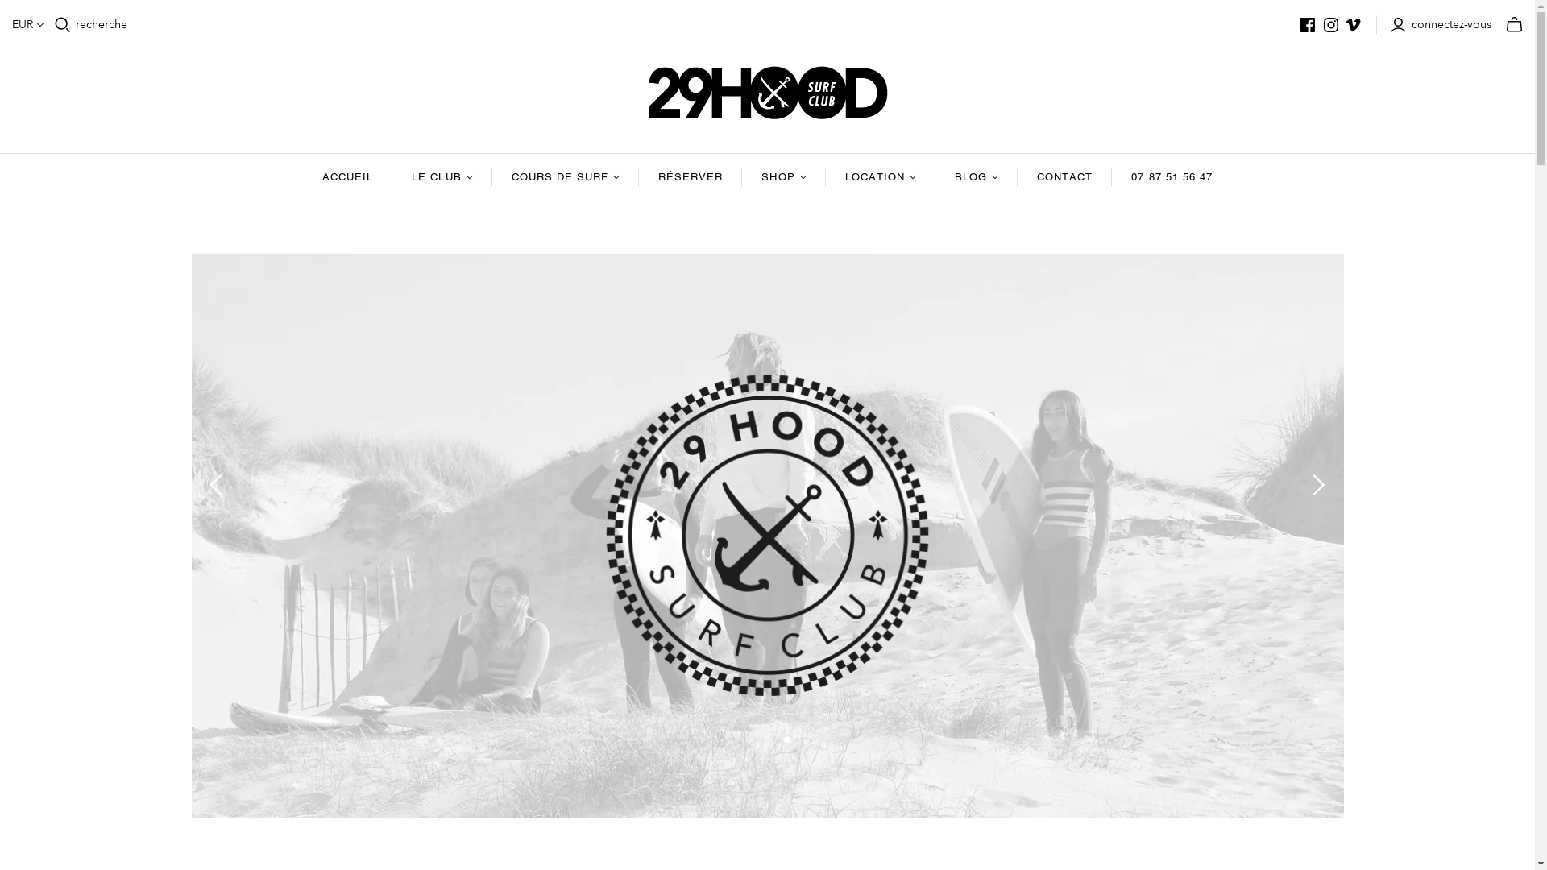 The width and height of the screenshot is (1547, 870). Describe the element at coordinates (346, 176) in the screenshot. I see `'ACCUEIL'` at that location.